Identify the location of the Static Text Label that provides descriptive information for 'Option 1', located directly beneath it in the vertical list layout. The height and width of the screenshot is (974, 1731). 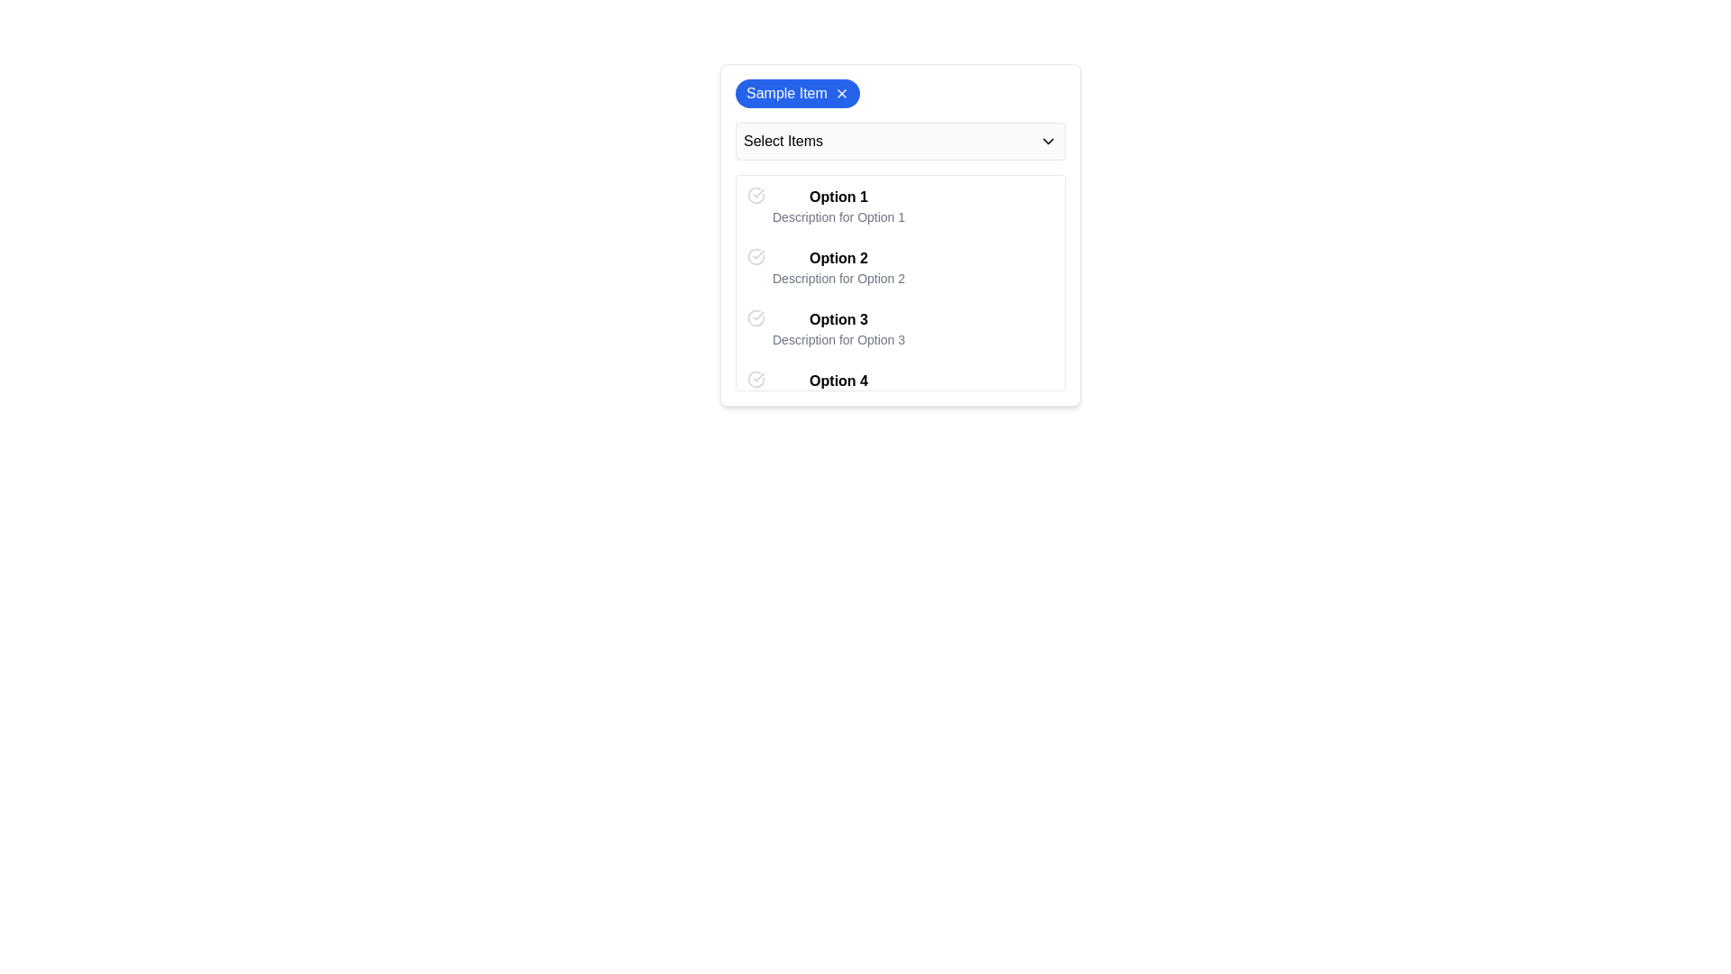
(838, 216).